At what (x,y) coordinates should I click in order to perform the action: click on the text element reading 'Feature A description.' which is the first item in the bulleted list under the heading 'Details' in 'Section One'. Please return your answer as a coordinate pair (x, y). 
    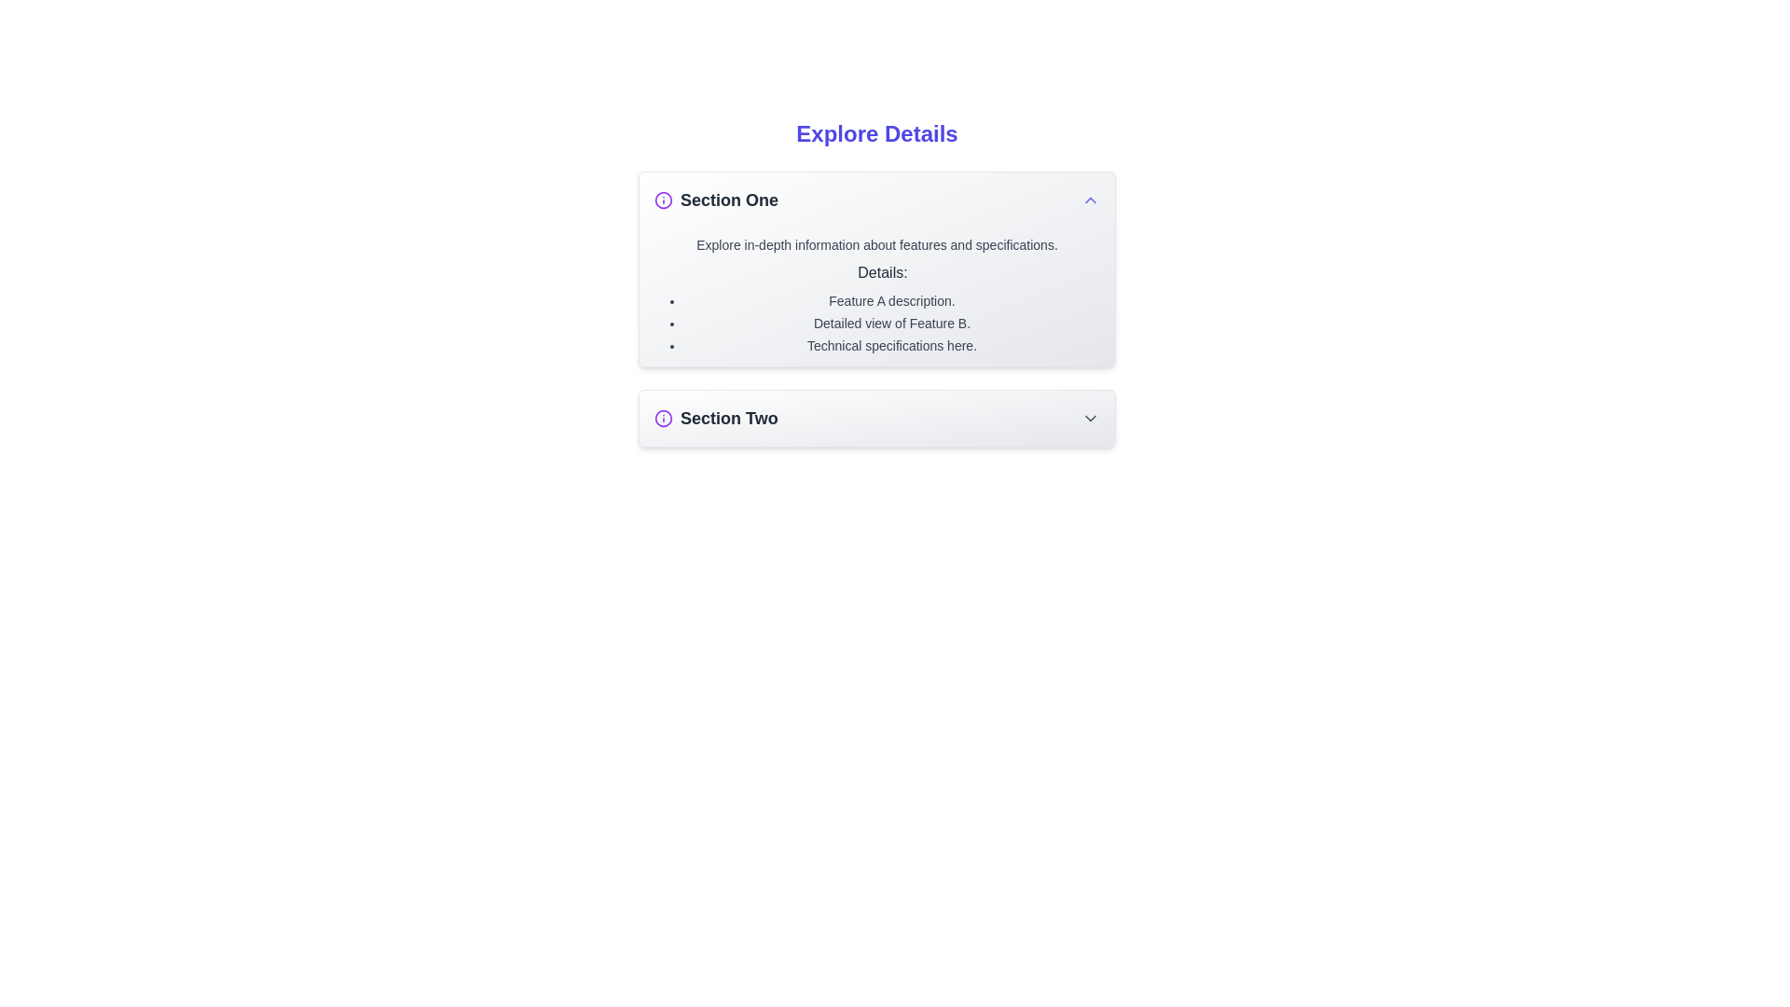
    Looking at the image, I should click on (890, 301).